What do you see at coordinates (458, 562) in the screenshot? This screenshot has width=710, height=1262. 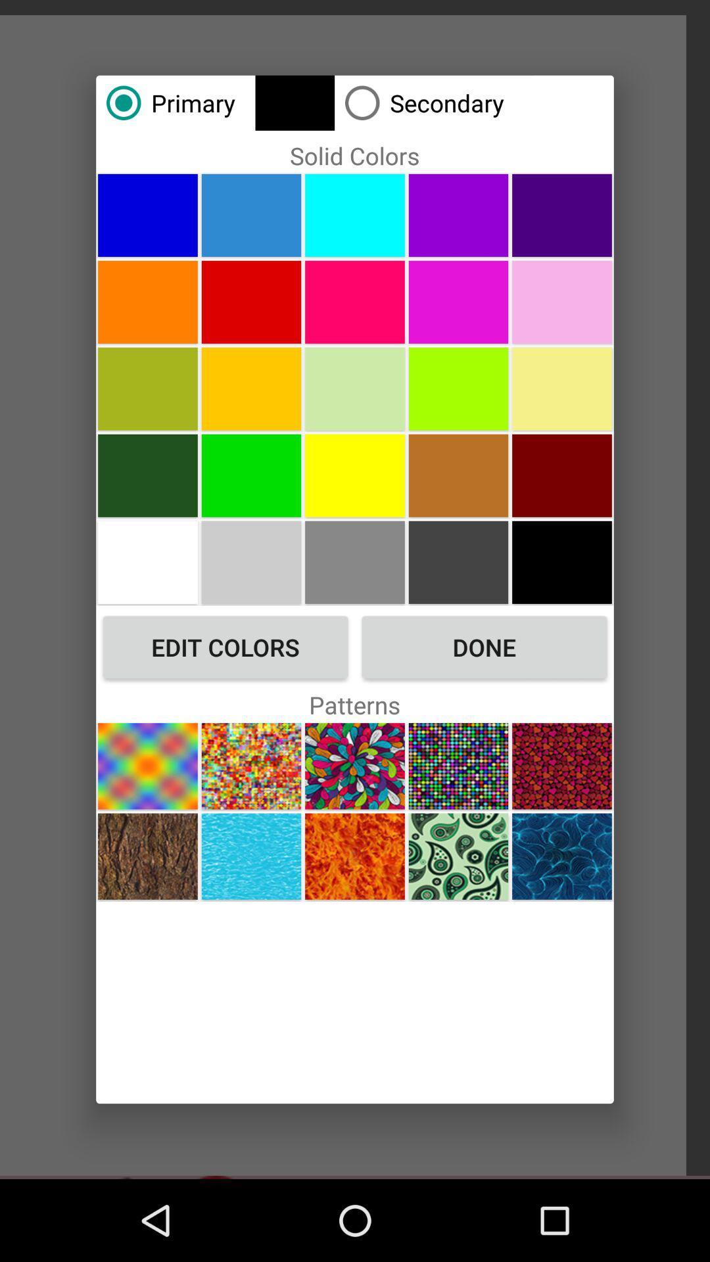 I see `pick color` at bounding box center [458, 562].